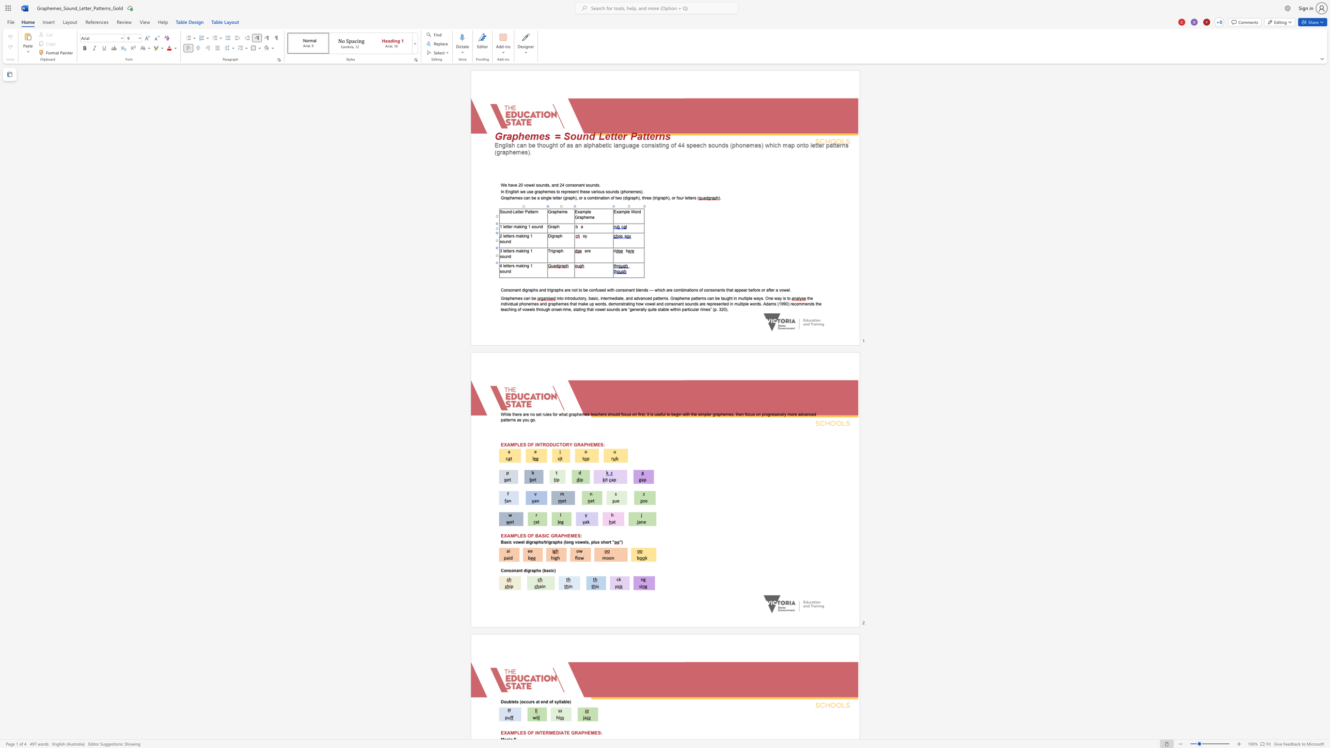  Describe the element at coordinates (593, 298) in the screenshot. I see `the space between the continuous character "a" and "s" in the text` at that location.